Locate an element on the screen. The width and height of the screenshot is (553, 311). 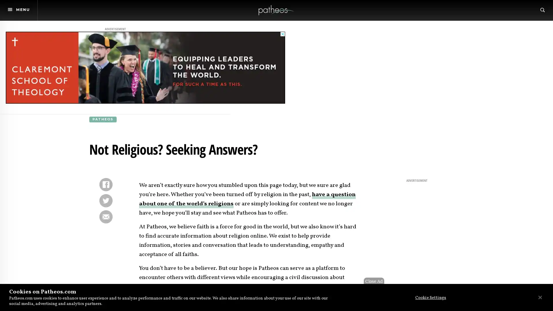
Close Banner is located at coordinates (539, 297).